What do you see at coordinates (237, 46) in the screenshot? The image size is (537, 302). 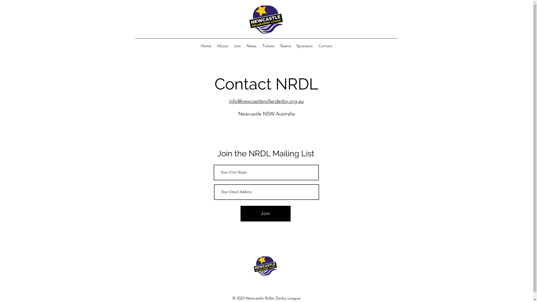 I see `'Join'` at bounding box center [237, 46].